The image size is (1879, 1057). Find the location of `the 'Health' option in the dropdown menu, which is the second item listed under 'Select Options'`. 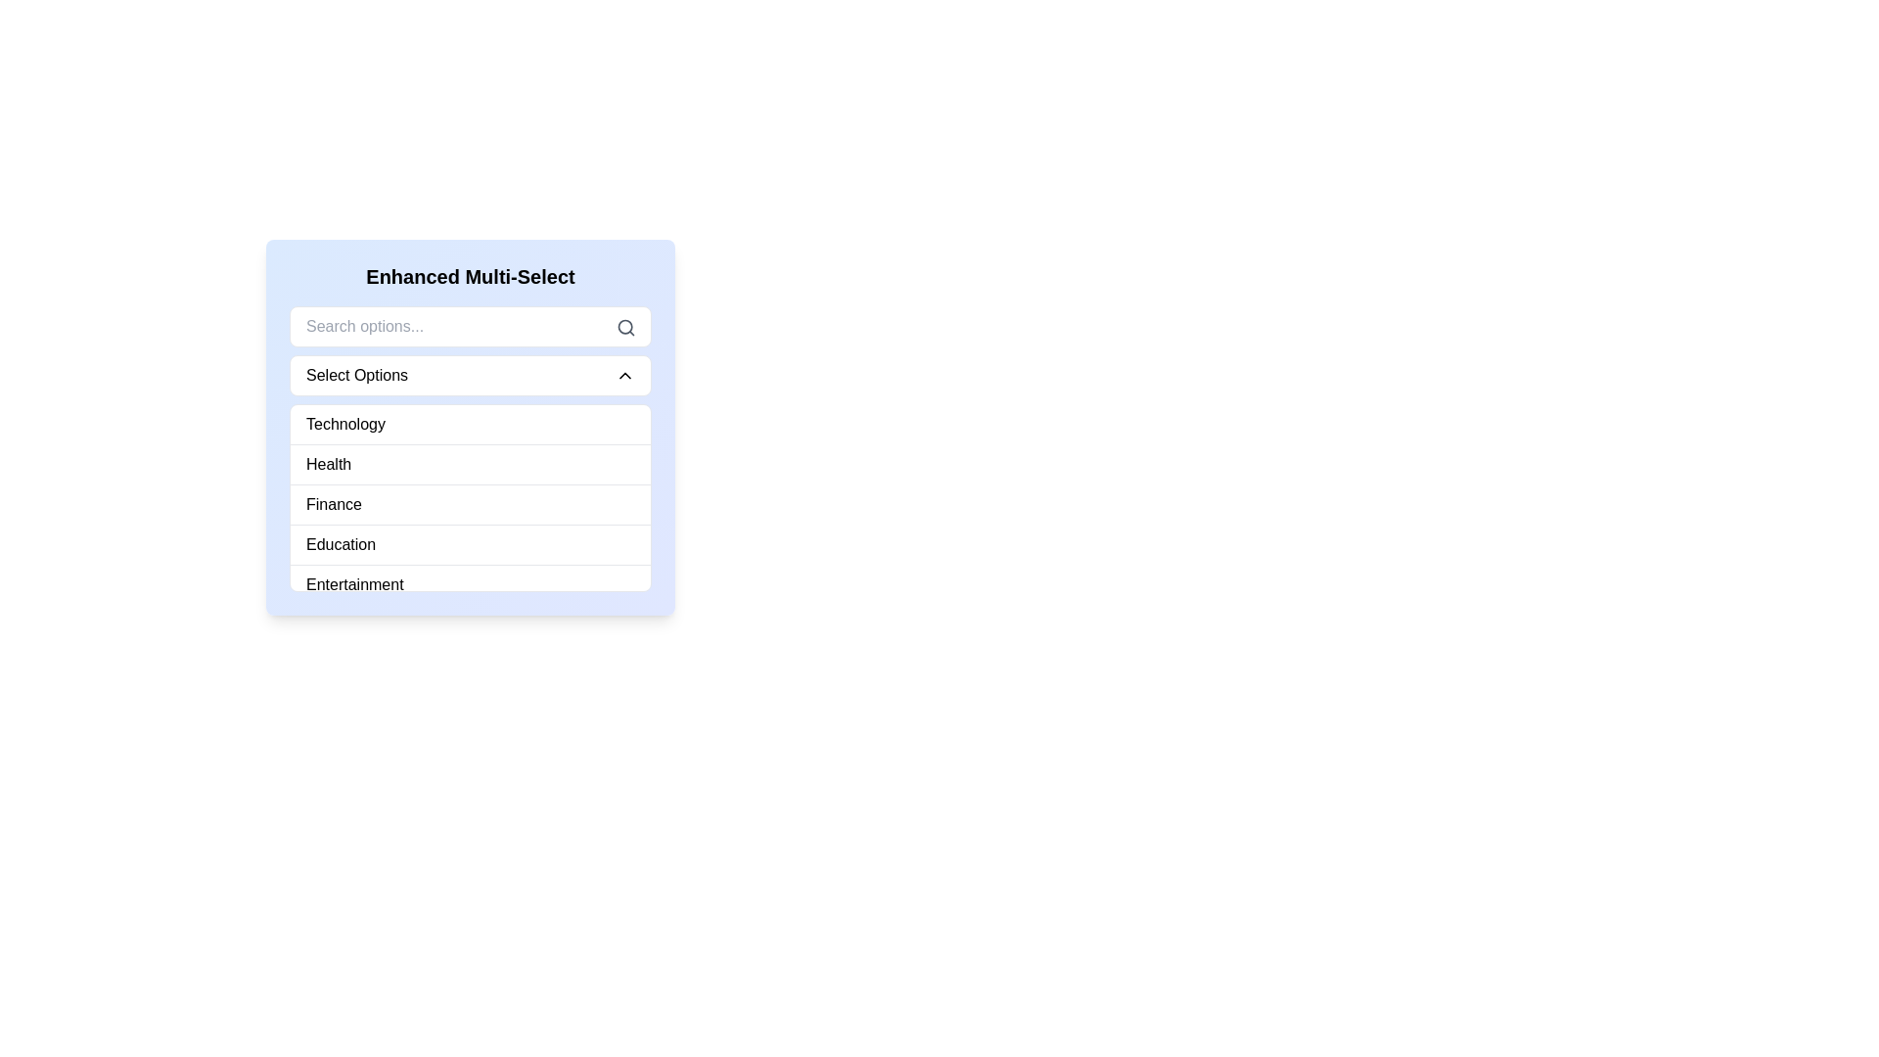

the 'Health' option in the dropdown menu, which is the second item listed under 'Select Options' is located at coordinates (329, 464).